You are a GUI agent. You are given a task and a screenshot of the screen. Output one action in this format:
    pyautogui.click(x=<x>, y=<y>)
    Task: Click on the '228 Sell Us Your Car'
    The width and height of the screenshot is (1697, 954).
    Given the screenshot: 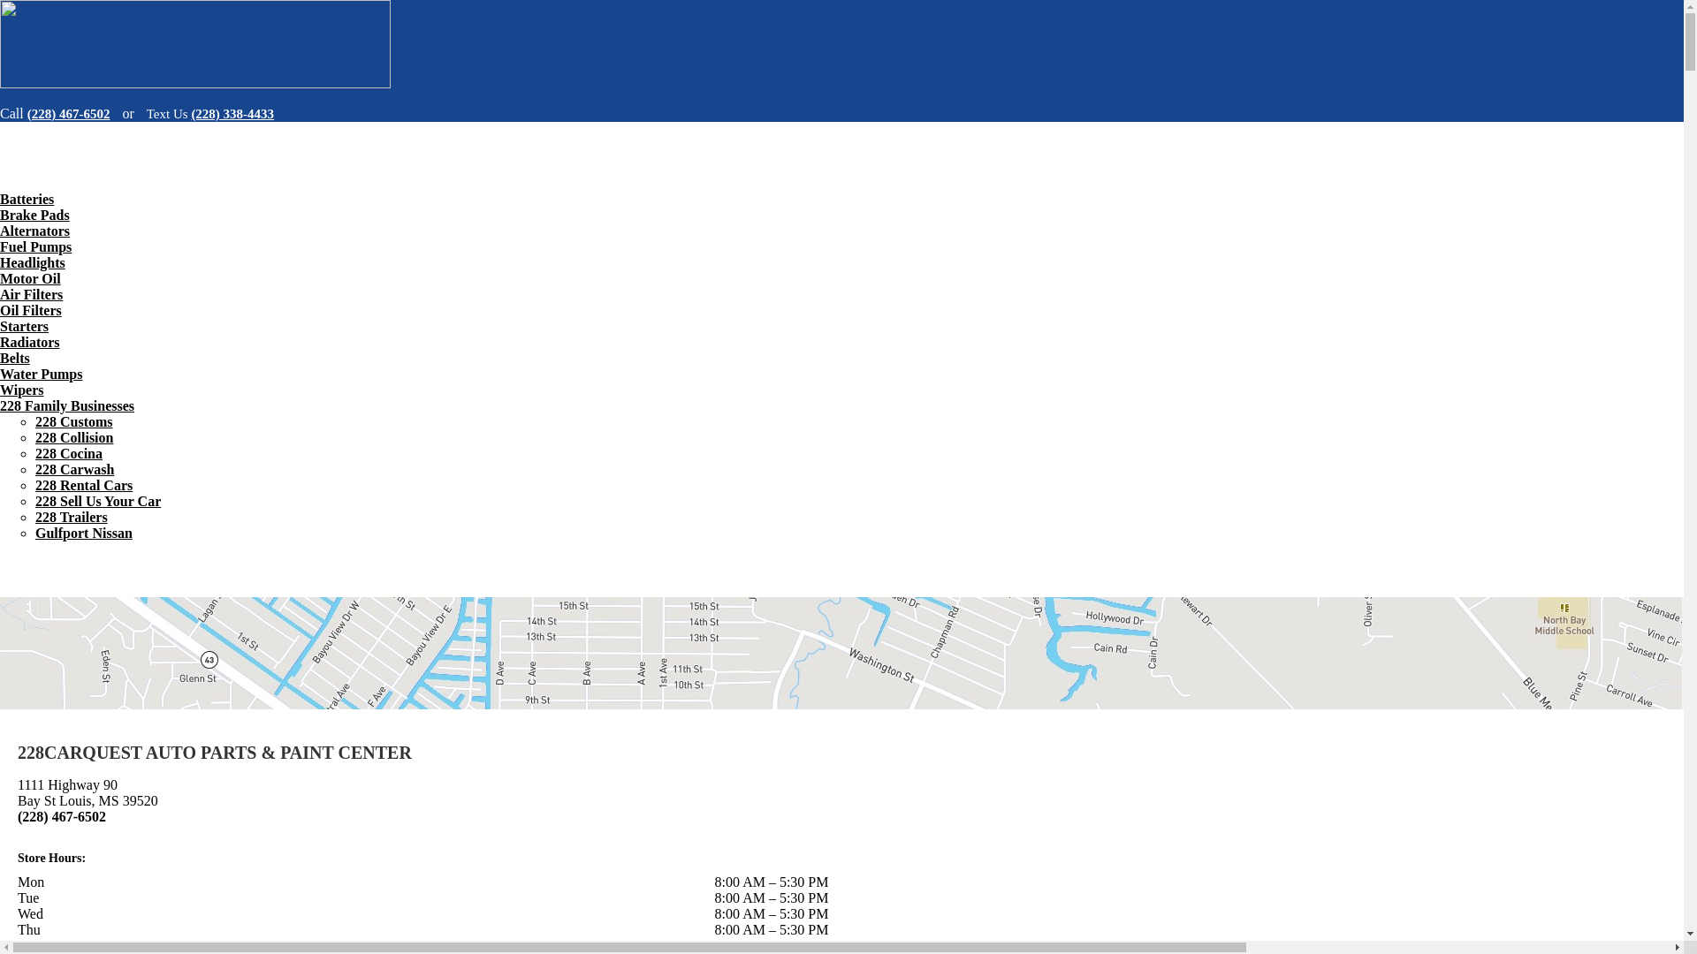 What is the action you would take?
    pyautogui.click(x=96, y=501)
    